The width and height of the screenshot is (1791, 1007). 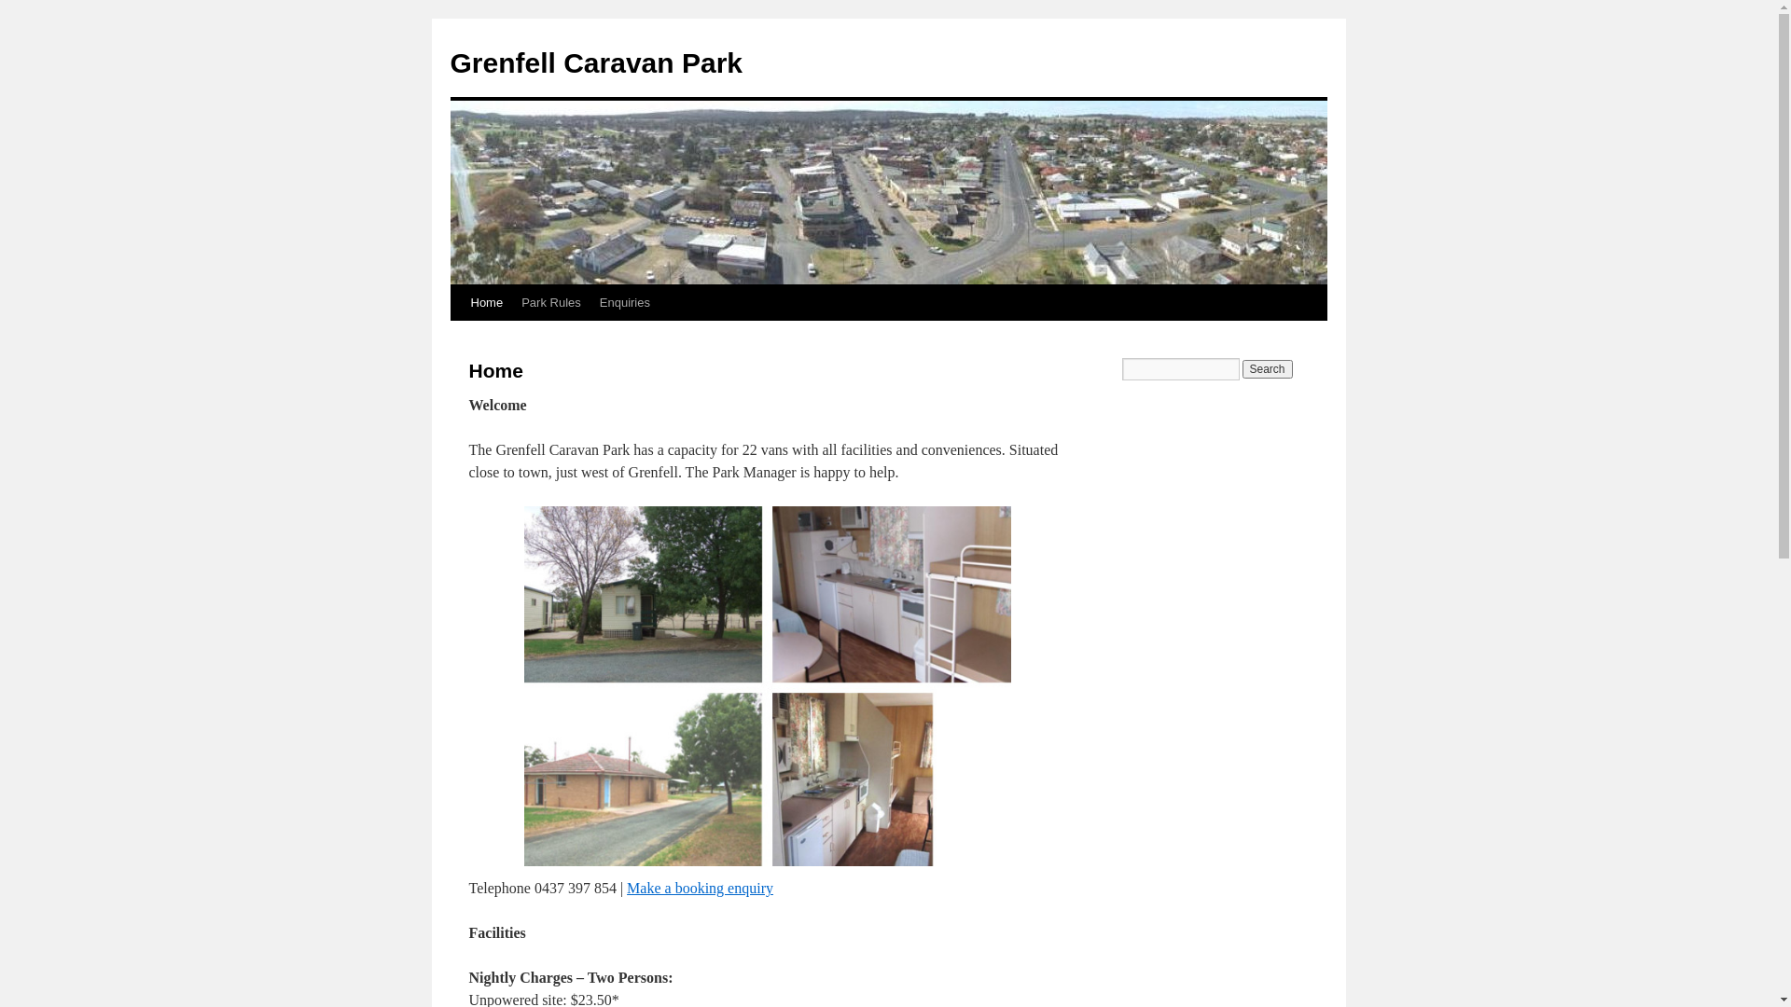 I want to click on 'Park Rules', so click(x=549, y=301).